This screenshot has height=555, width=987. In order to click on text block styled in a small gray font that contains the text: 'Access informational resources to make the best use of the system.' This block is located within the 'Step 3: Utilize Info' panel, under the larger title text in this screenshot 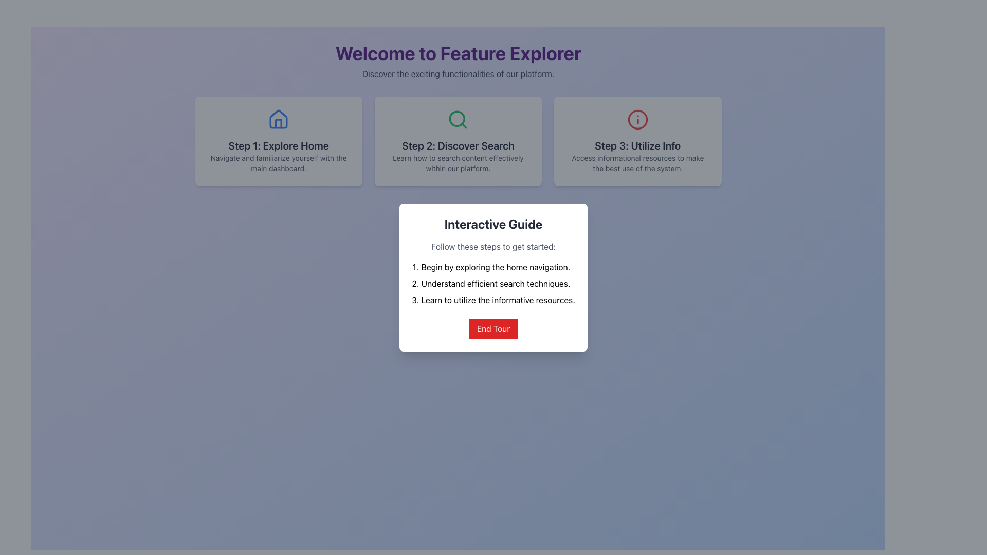, I will do `click(637, 162)`.